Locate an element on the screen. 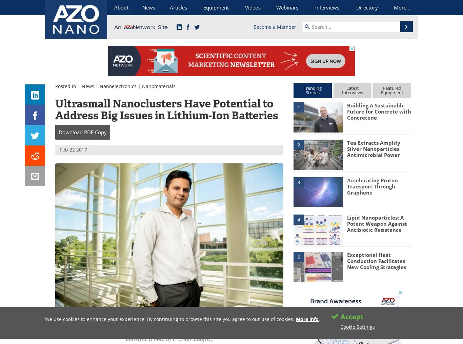  'Download' is located at coordinates (58, 132).